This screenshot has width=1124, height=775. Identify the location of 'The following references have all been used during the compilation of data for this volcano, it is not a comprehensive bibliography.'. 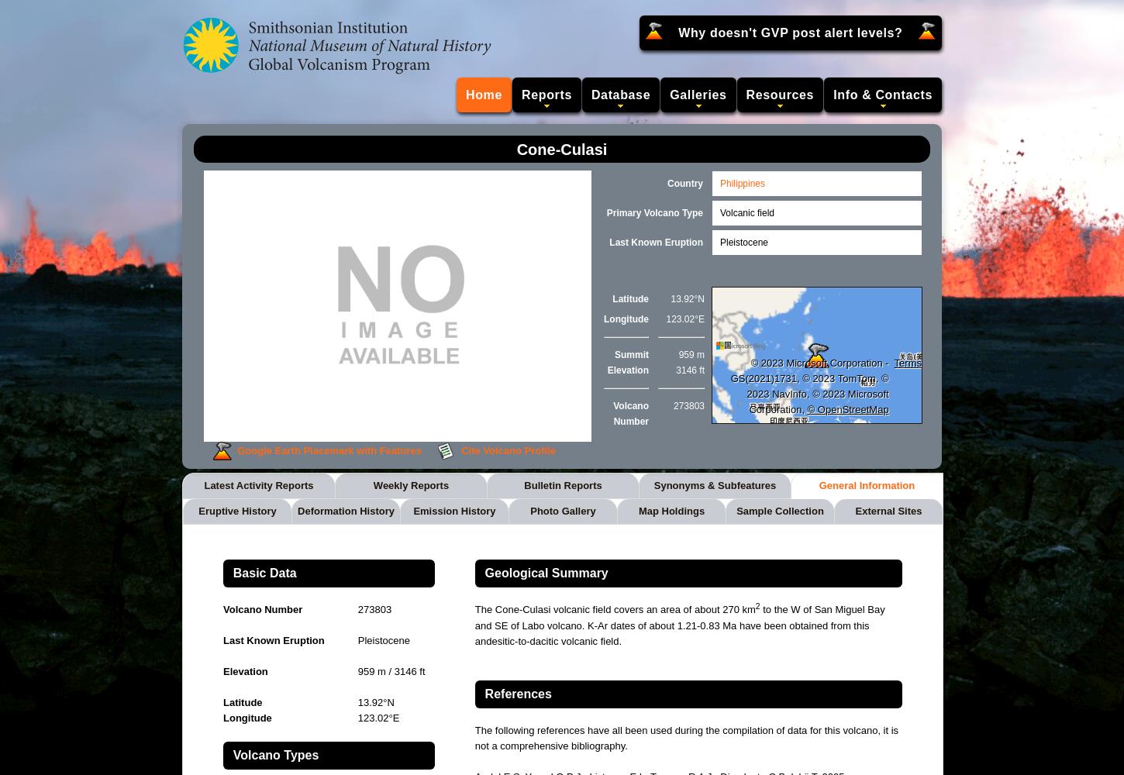
(685, 737).